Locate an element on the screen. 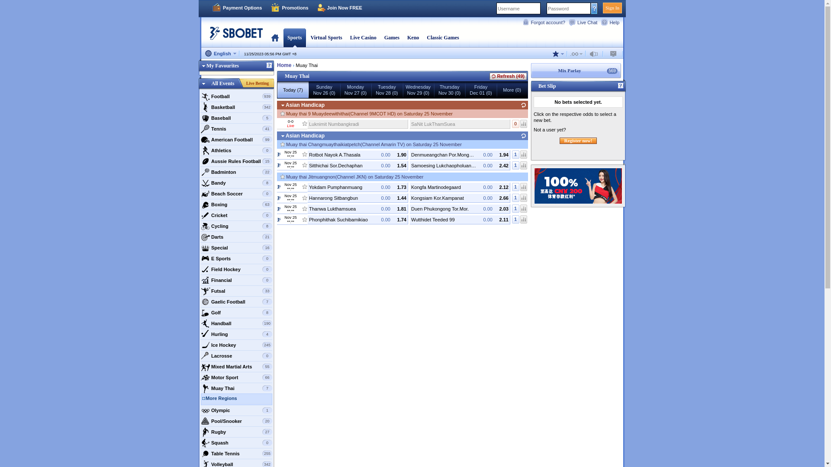  'Pool/Snooker is located at coordinates (236, 421).